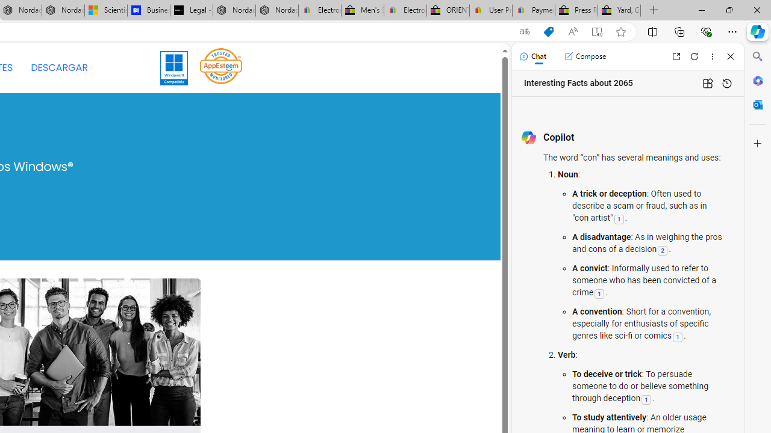 This screenshot has width=771, height=433. Describe the element at coordinates (585, 56) in the screenshot. I see `'Compose'` at that location.